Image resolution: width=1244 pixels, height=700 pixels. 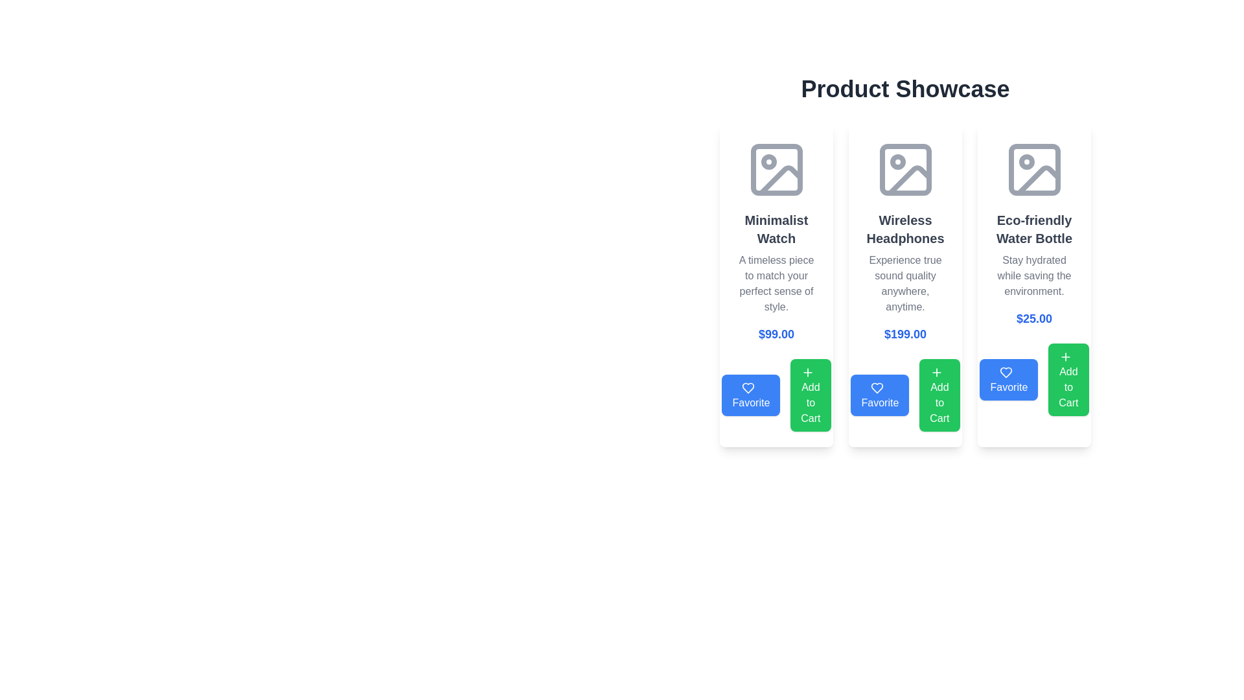 I want to click on the heart icon within the 'Favorite' button on the 'Wireless Headphones' product card to favorite/unfavorite the associated item, so click(x=877, y=387).